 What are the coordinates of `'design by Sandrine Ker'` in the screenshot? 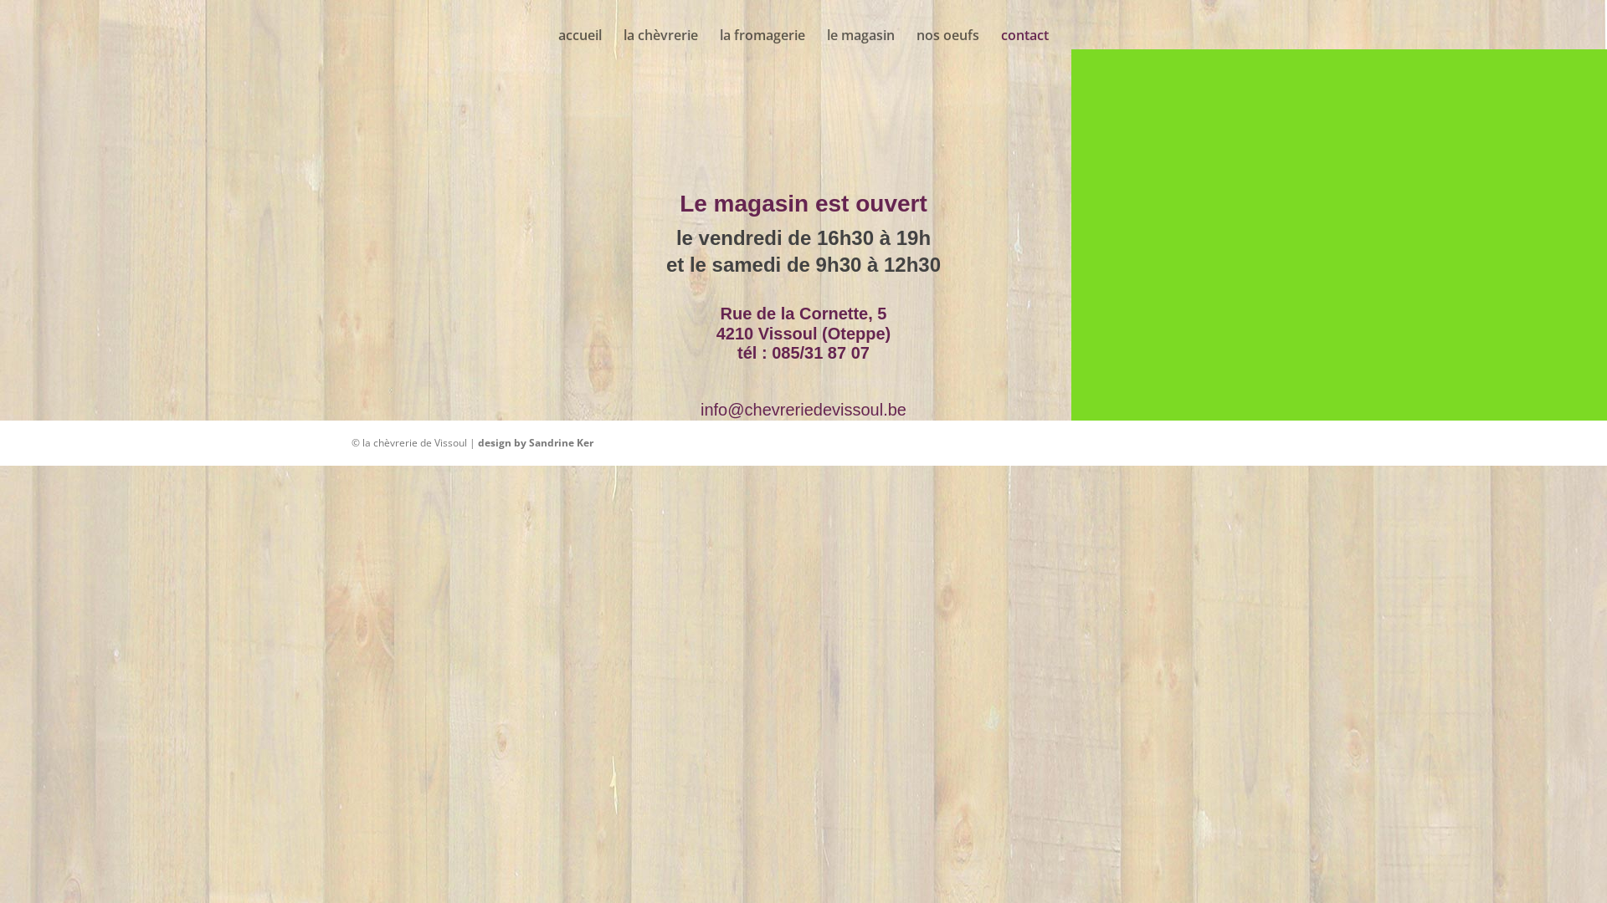 It's located at (534, 441).